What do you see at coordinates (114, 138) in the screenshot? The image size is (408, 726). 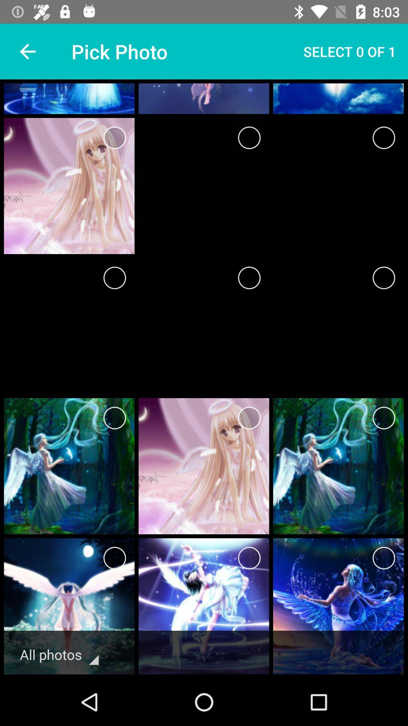 I see `photo` at bounding box center [114, 138].